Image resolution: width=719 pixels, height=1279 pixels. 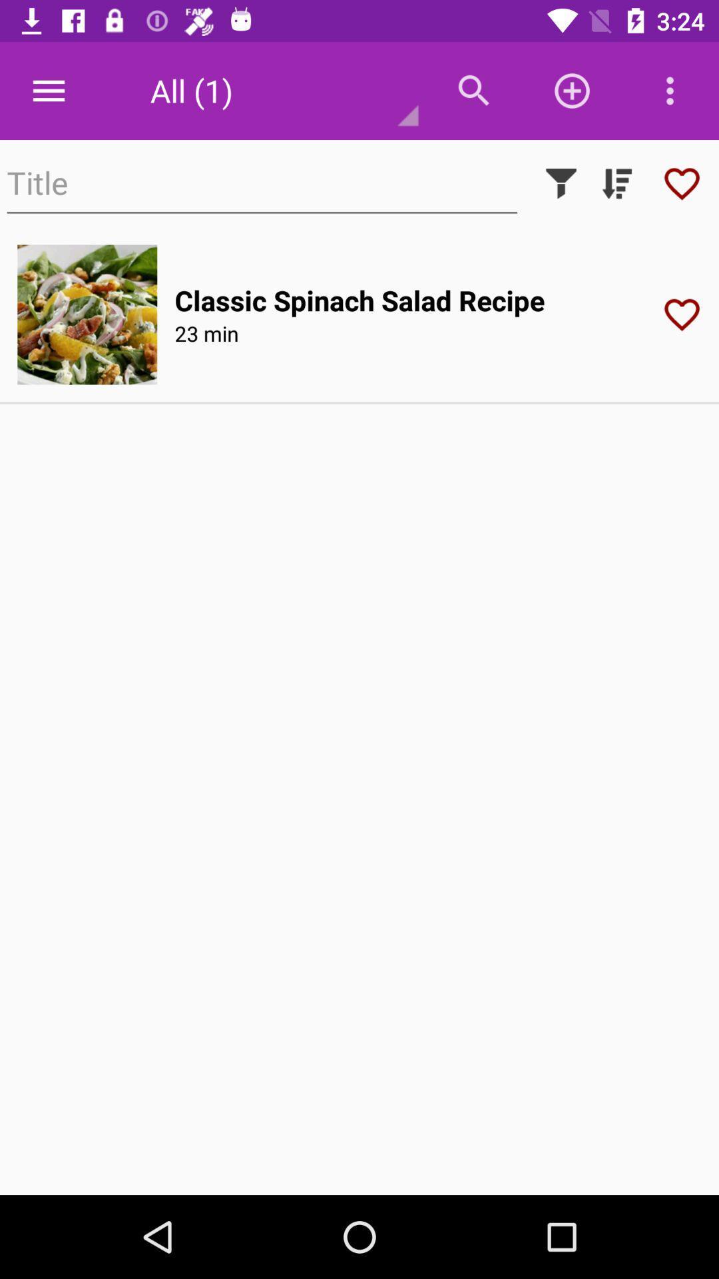 I want to click on the item next to all (1) item, so click(x=473, y=90).